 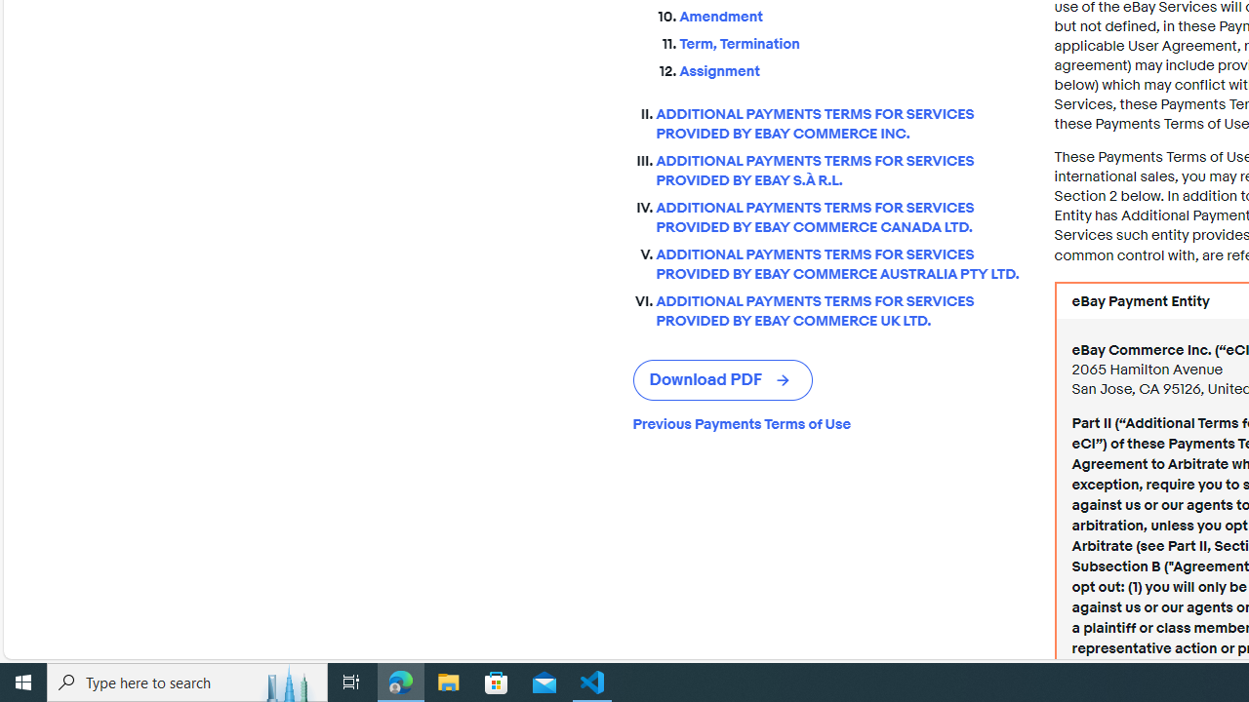 I want to click on 'Assignment', so click(x=851, y=70).